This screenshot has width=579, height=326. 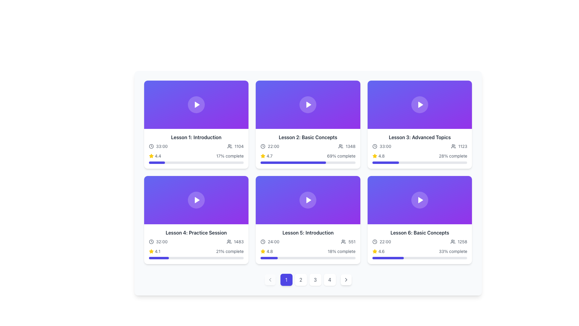 I want to click on the duration text label located in the lower-left portion of the 'Lesson 4: Practice Session' card, which follows a clock icon, so click(x=162, y=241).